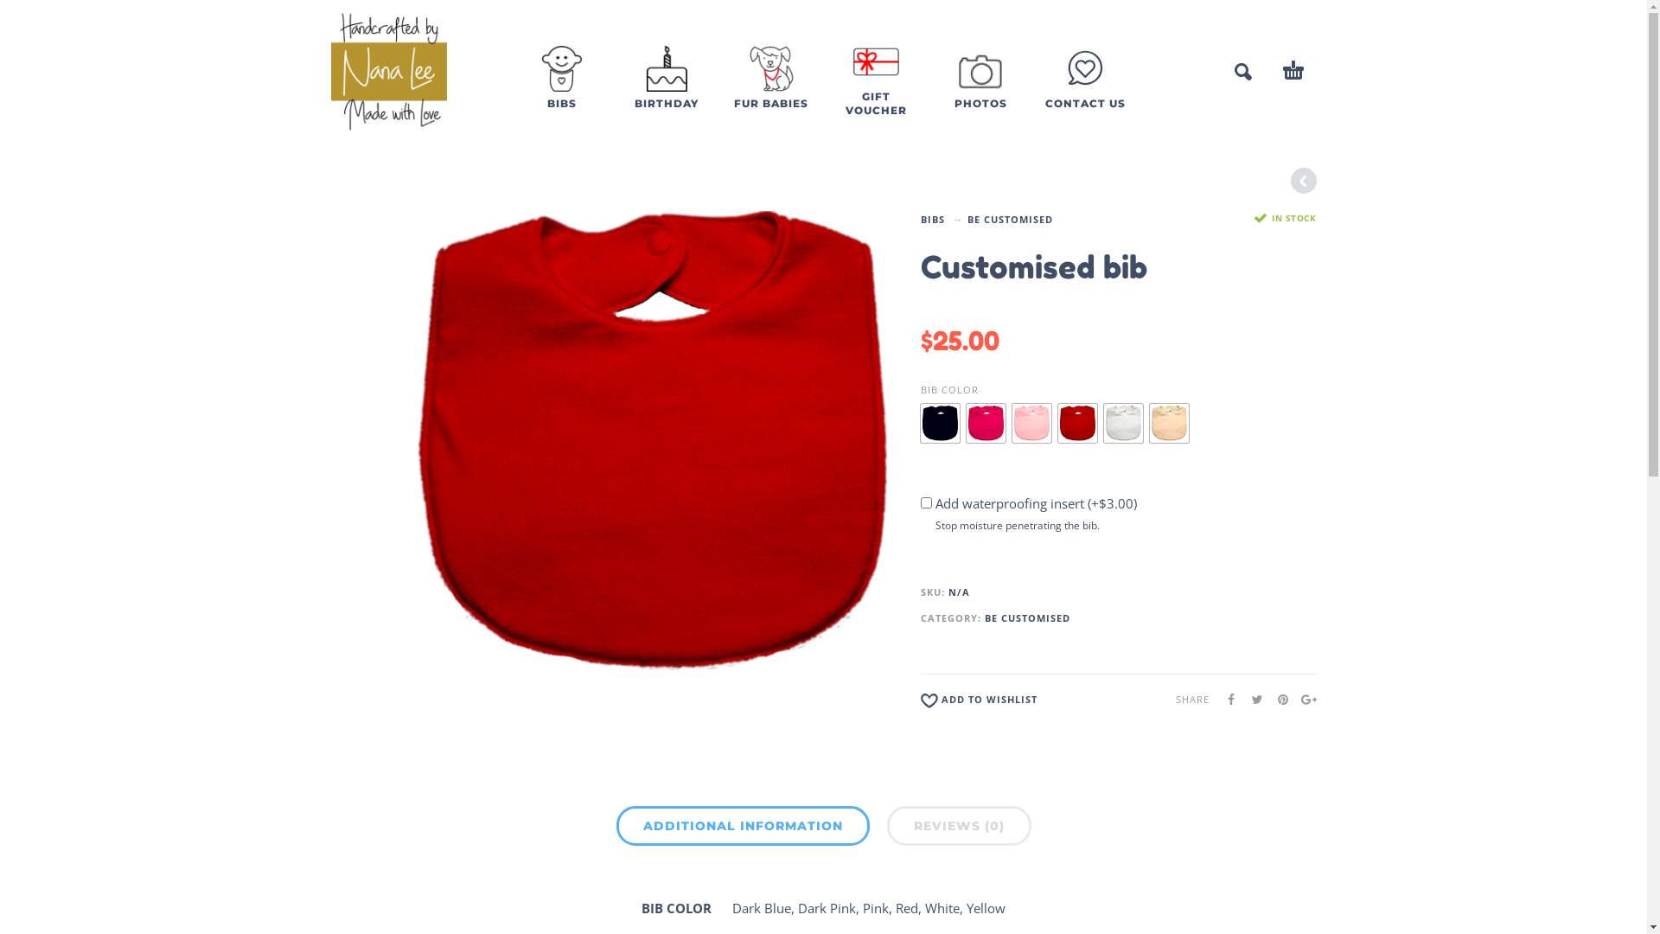  What do you see at coordinates (1010, 219) in the screenshot?
I see `'BE CUSTOMISED'` at bounding box center [1010, 219].